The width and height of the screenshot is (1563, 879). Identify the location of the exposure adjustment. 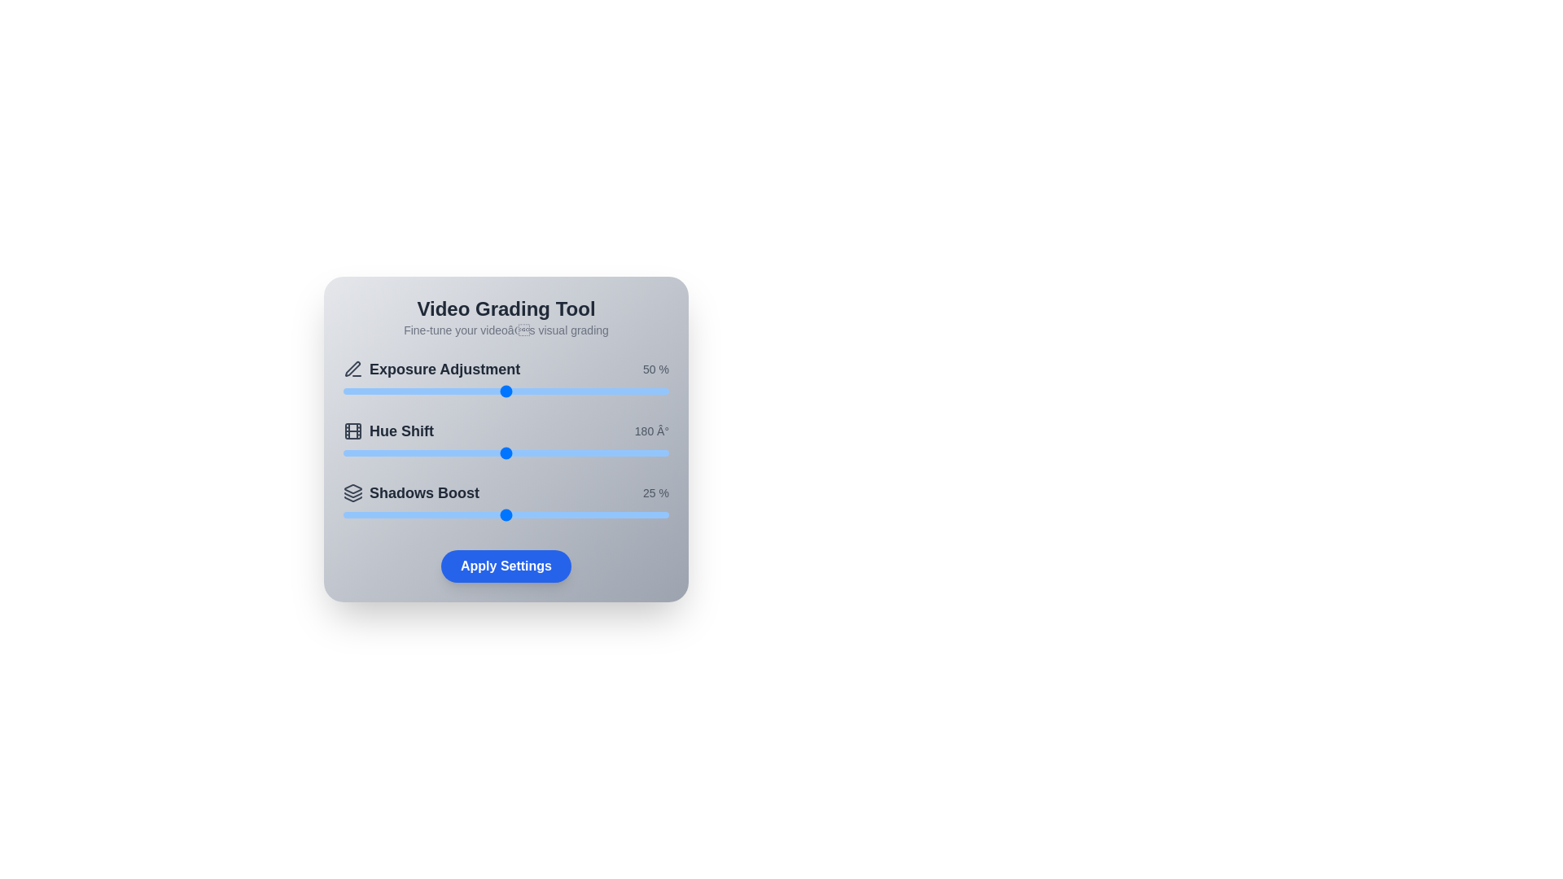
(548, 391).